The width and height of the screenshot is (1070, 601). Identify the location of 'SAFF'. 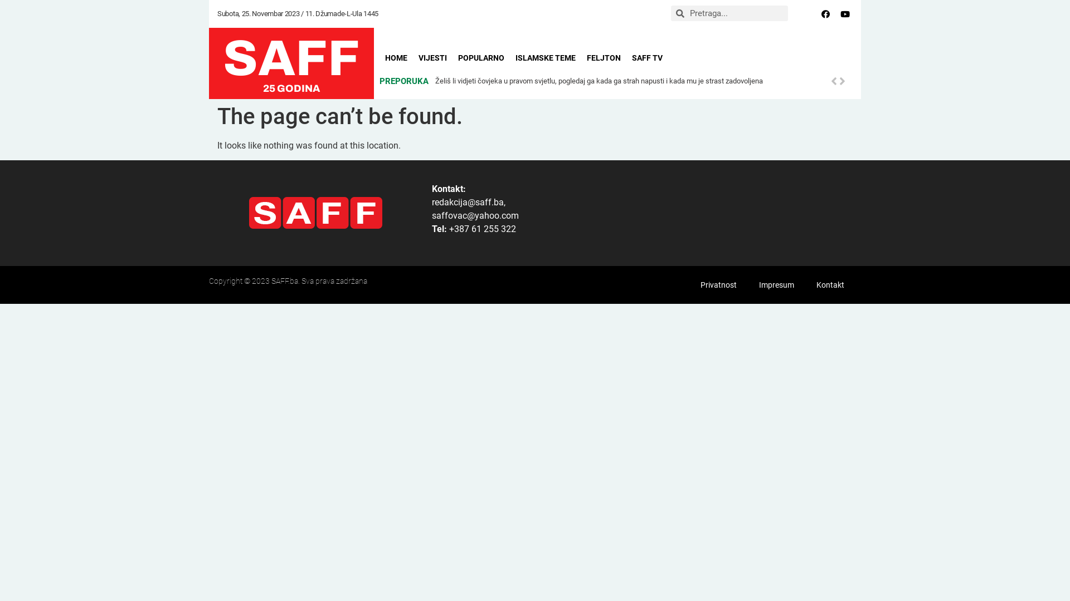
(291, 58).